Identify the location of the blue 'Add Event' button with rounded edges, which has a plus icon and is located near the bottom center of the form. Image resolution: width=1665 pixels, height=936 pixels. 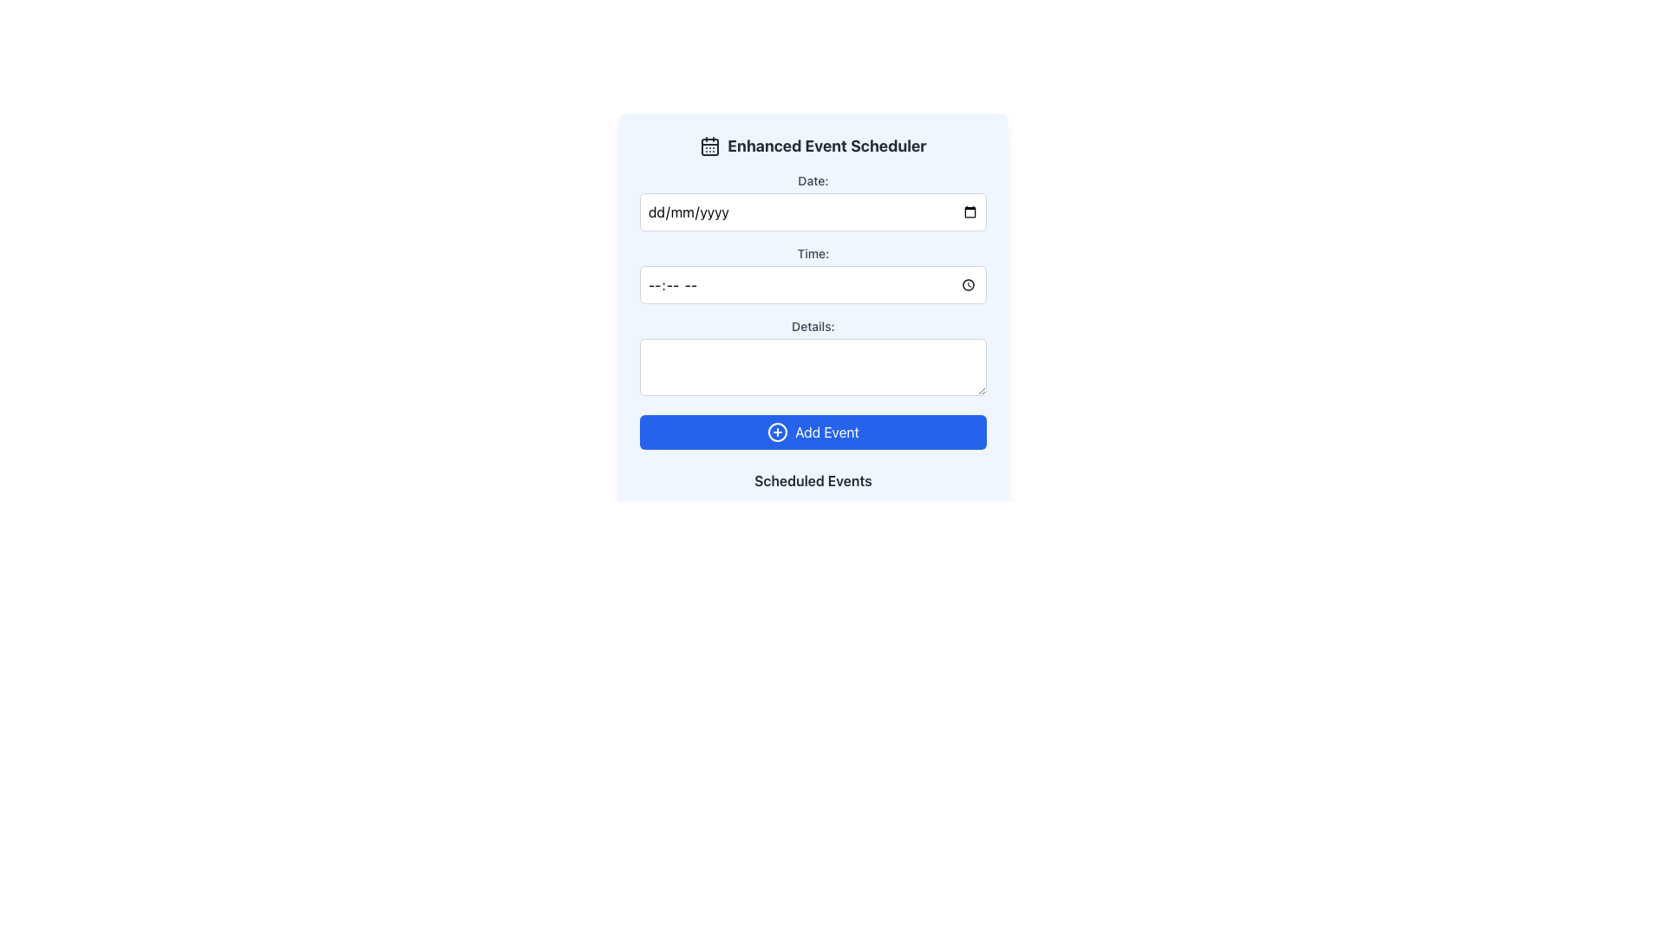
(812, 431).